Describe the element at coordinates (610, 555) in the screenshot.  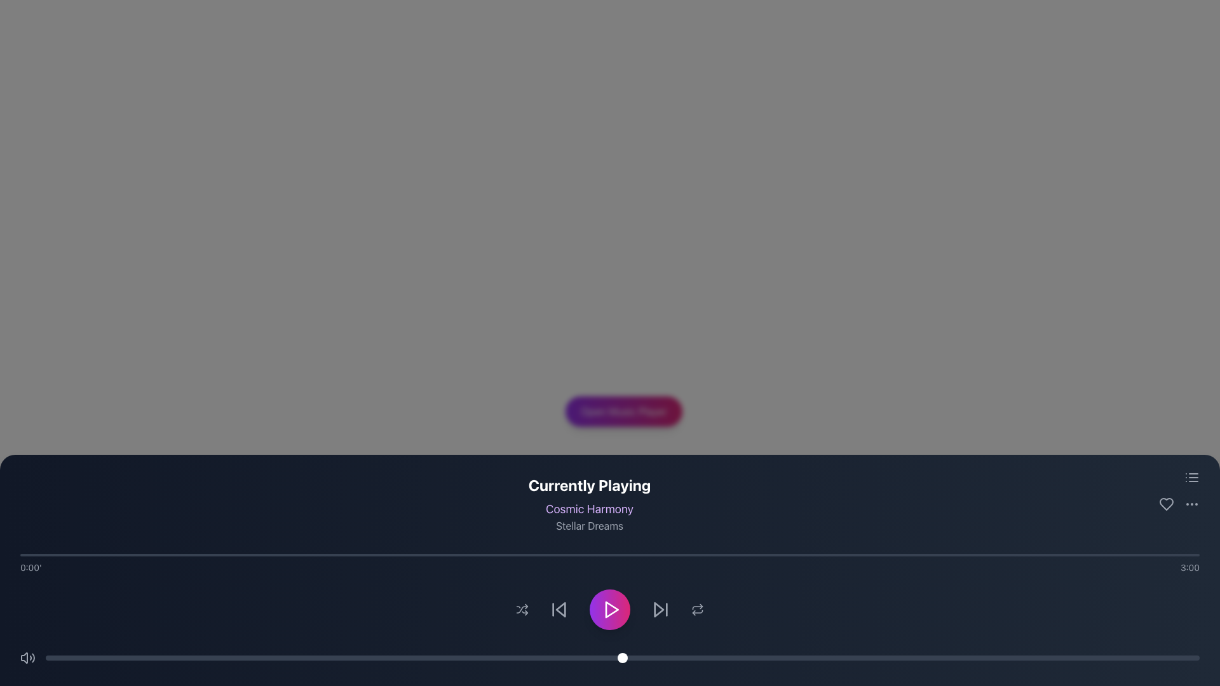
I see `the progress indicator of the Linear Progress Bar, which is a horizontal bar with rounded edges located below the 'Currently Playing' text` at that location.